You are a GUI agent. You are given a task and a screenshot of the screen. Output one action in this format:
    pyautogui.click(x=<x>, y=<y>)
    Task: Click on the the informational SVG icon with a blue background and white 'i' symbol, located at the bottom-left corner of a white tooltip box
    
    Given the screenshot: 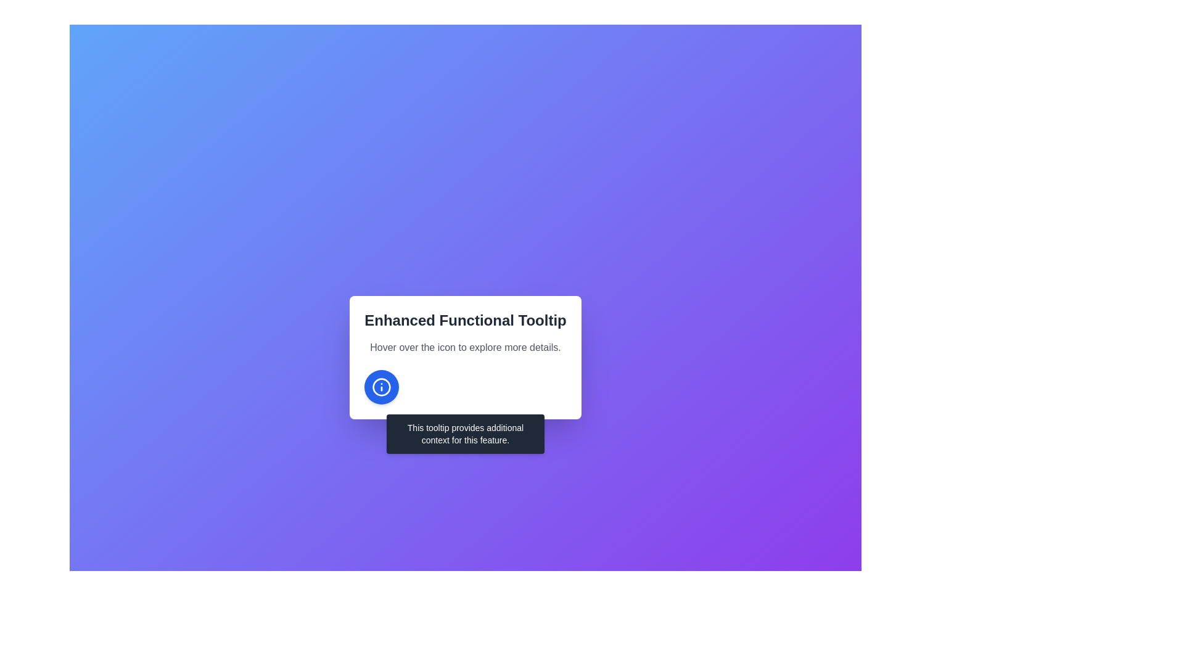 What is the action you would take?
    pyautogui.click(x=381, y=387)
    